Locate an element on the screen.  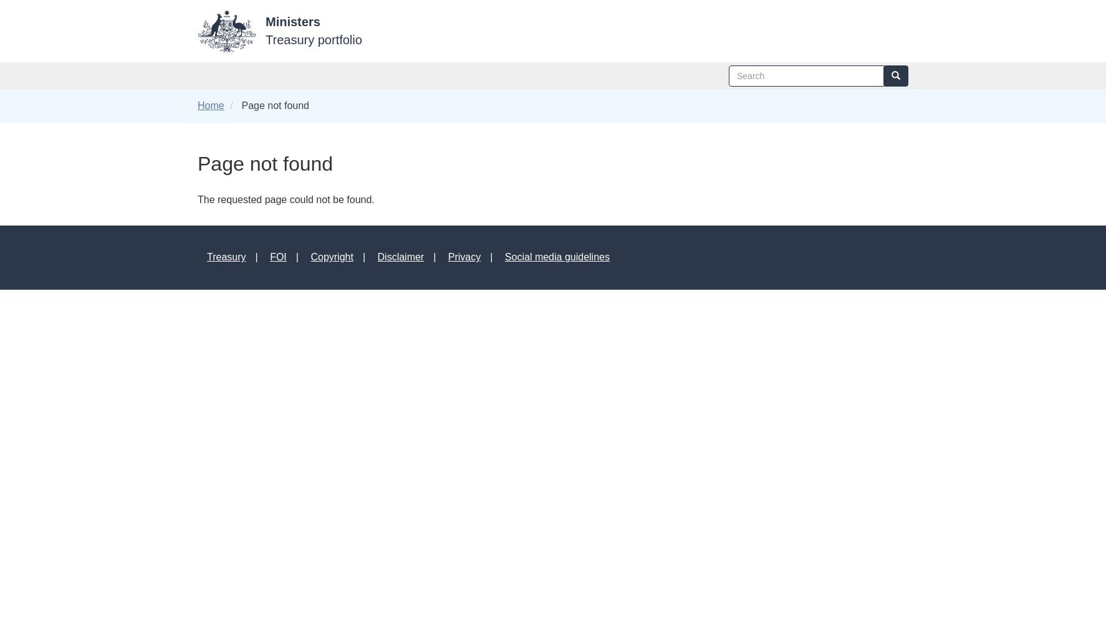
'Treasury portfolio' is located at coordinates (313, 39).